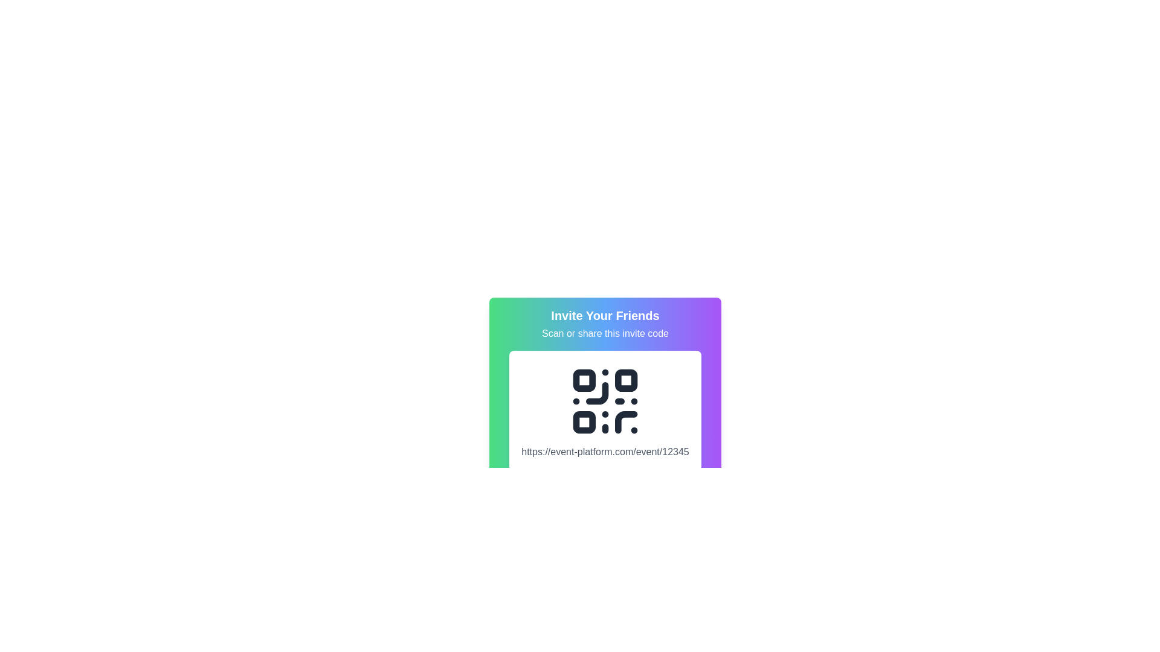  I want to click on text label located at the top of the content card, which invites users to share the platform via an invite code, so click(605, 323).